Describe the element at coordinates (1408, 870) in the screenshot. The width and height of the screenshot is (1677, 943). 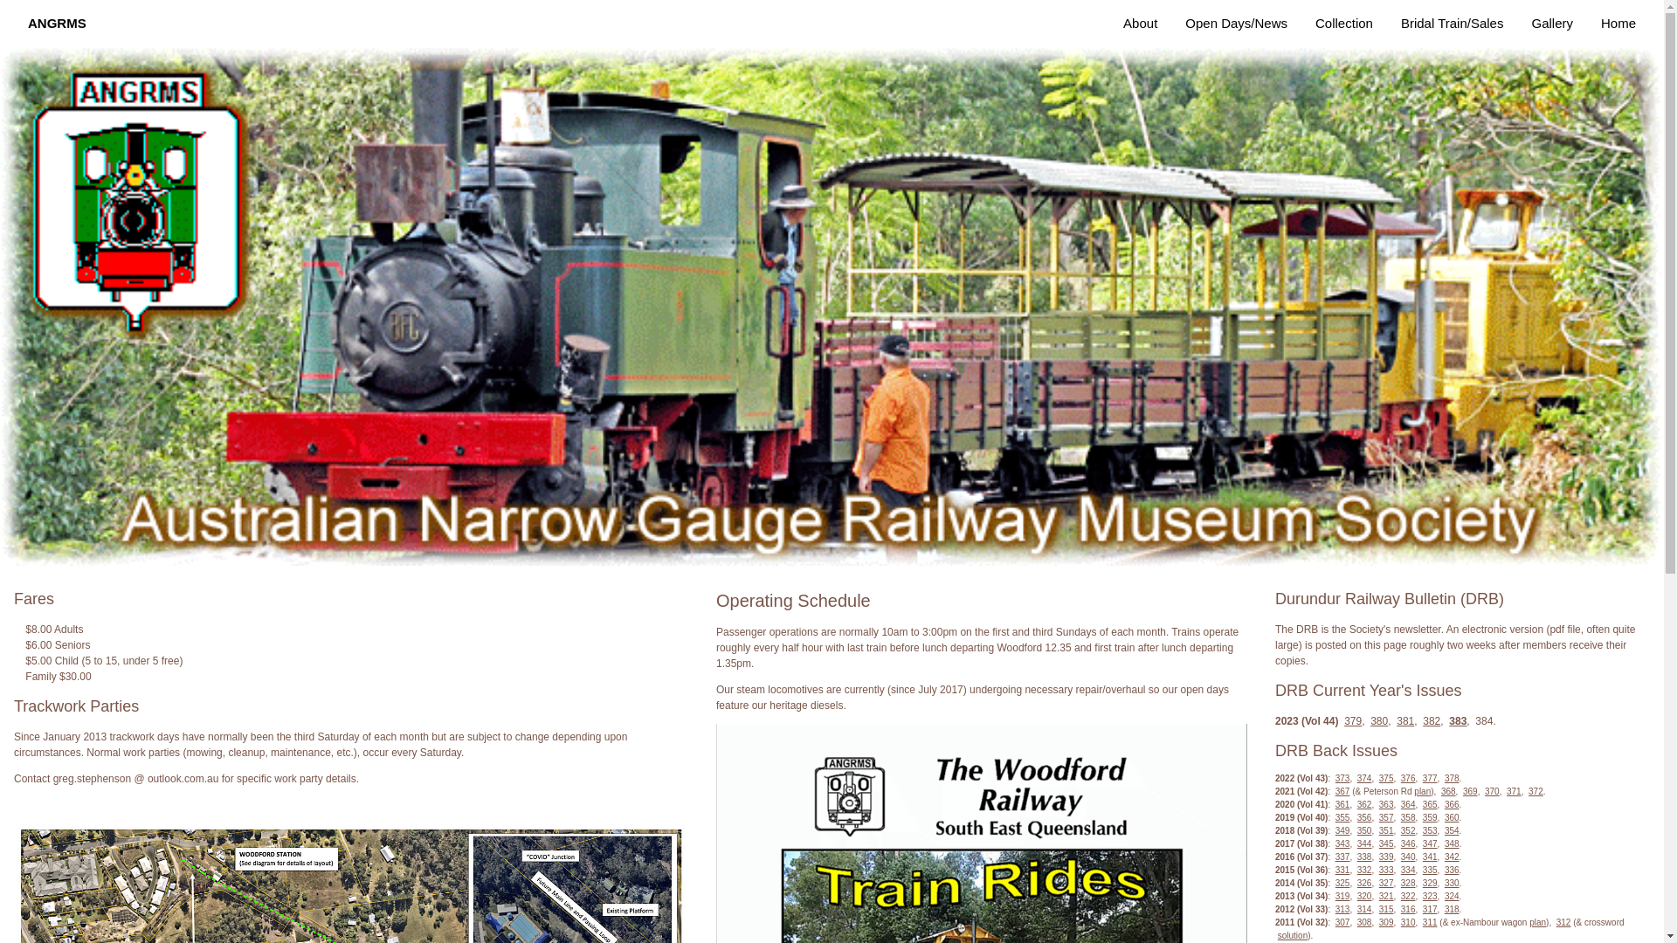
I see `'334'` at that location.